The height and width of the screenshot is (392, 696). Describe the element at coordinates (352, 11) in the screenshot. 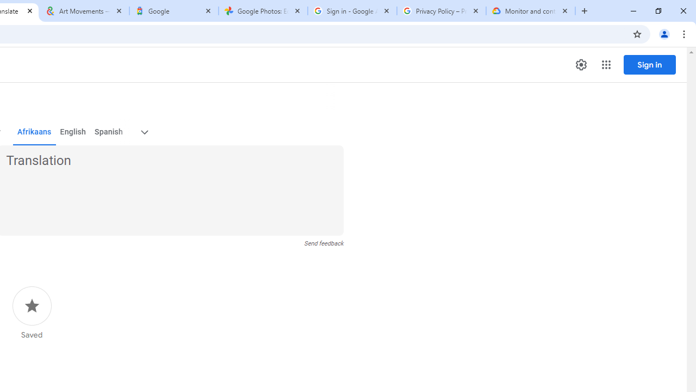

I see `'Sign in - Google Accounts'` at that location.